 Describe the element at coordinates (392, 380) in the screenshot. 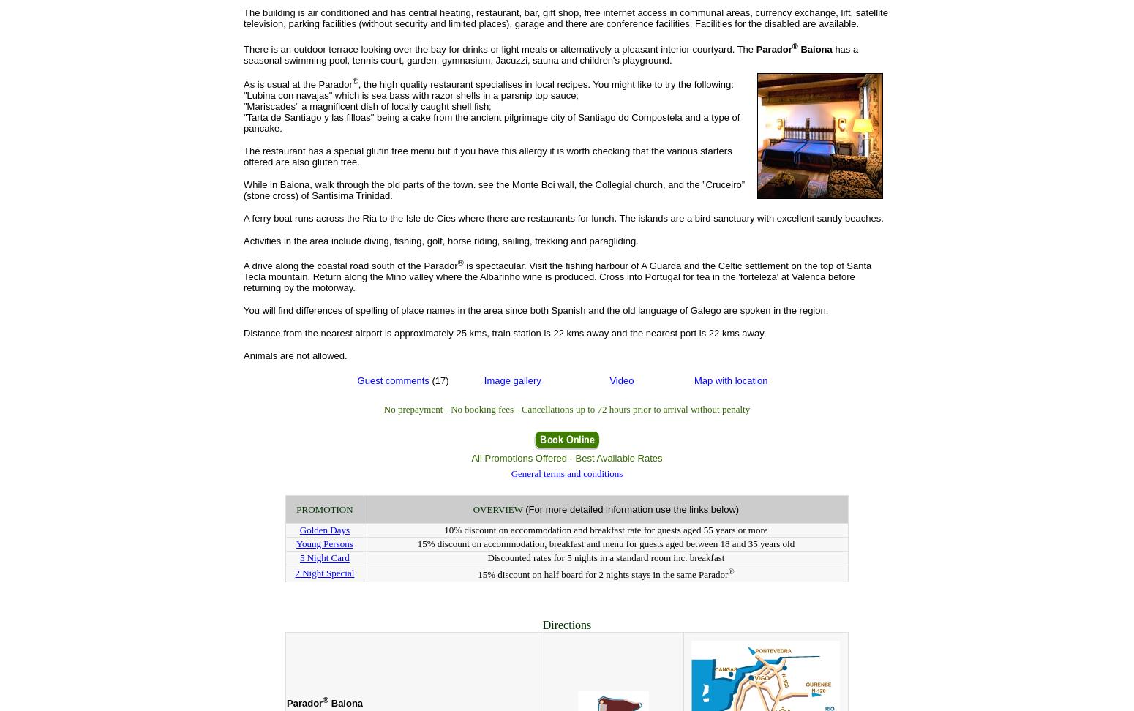

I see `'Guest comments'` at that location.